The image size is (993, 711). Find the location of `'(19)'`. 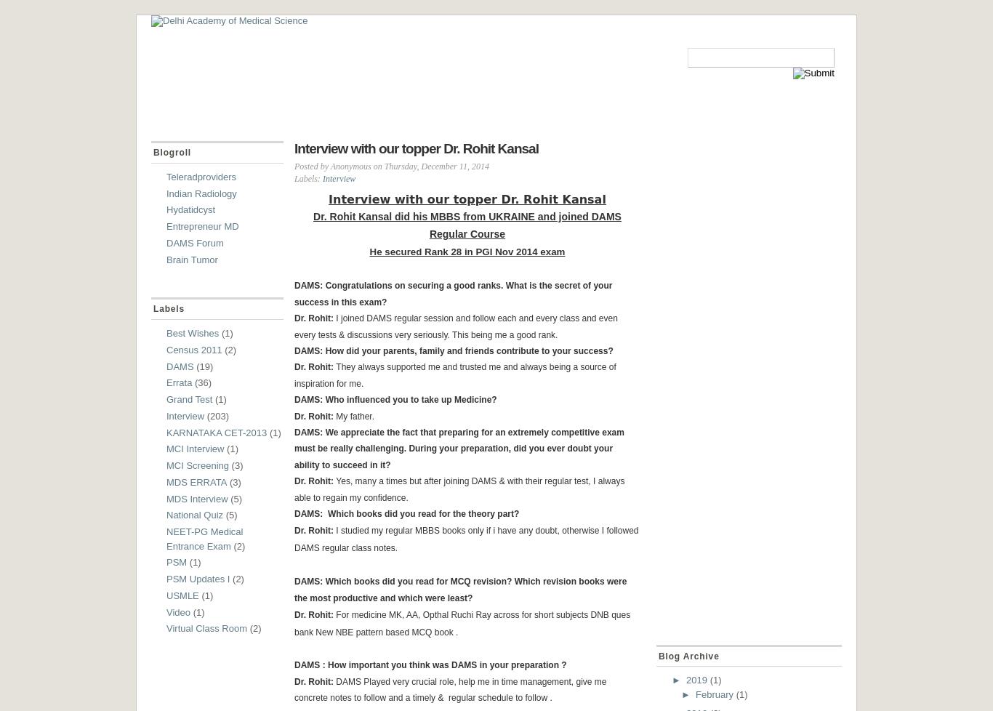

'(19)' is located at coordinates (204, 366).